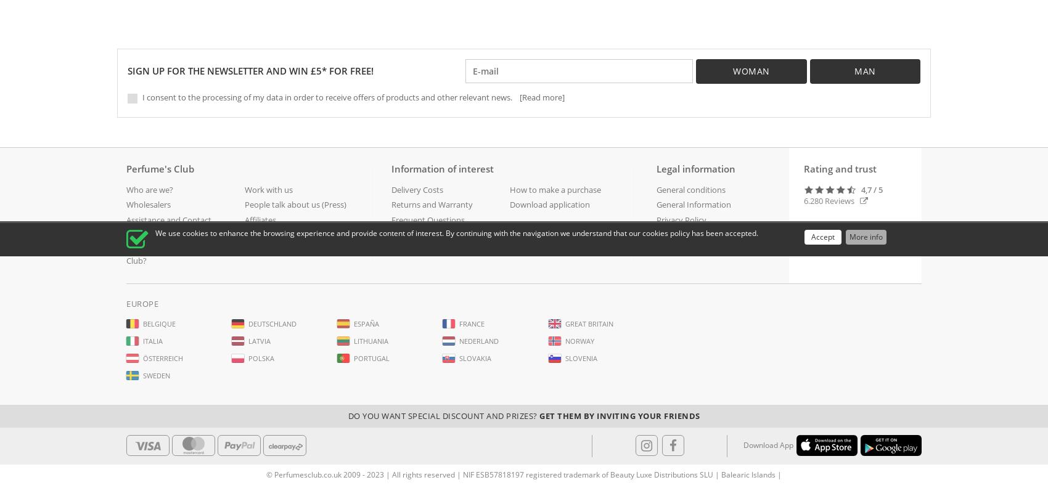 The width and height of the screenshot is (1048, 488). Describe the element at coordinates (768, 444) in the screenshot. I see `'Download App'` at that location.